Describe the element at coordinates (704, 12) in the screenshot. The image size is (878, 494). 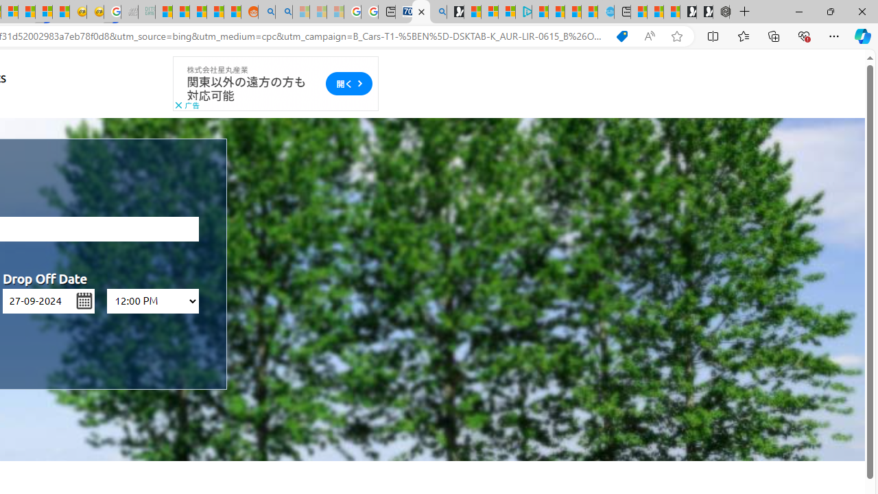
I see `'Play Free Online Games | Games from Microsoft Start'` at that location.